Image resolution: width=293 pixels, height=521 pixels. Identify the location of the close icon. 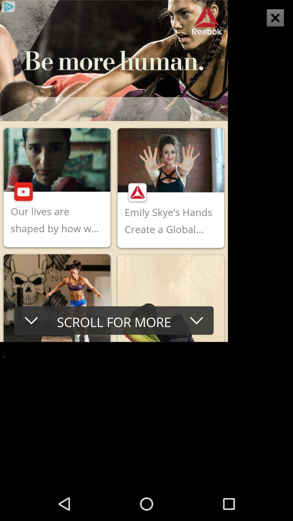
(275, 19).